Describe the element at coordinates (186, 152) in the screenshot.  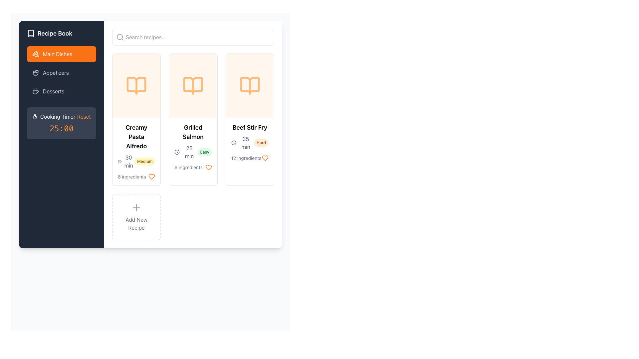
I see `the '25 min' text label, which is styled in gray and located in the 'Grilled Salmon' card, to focus on it` at that location.